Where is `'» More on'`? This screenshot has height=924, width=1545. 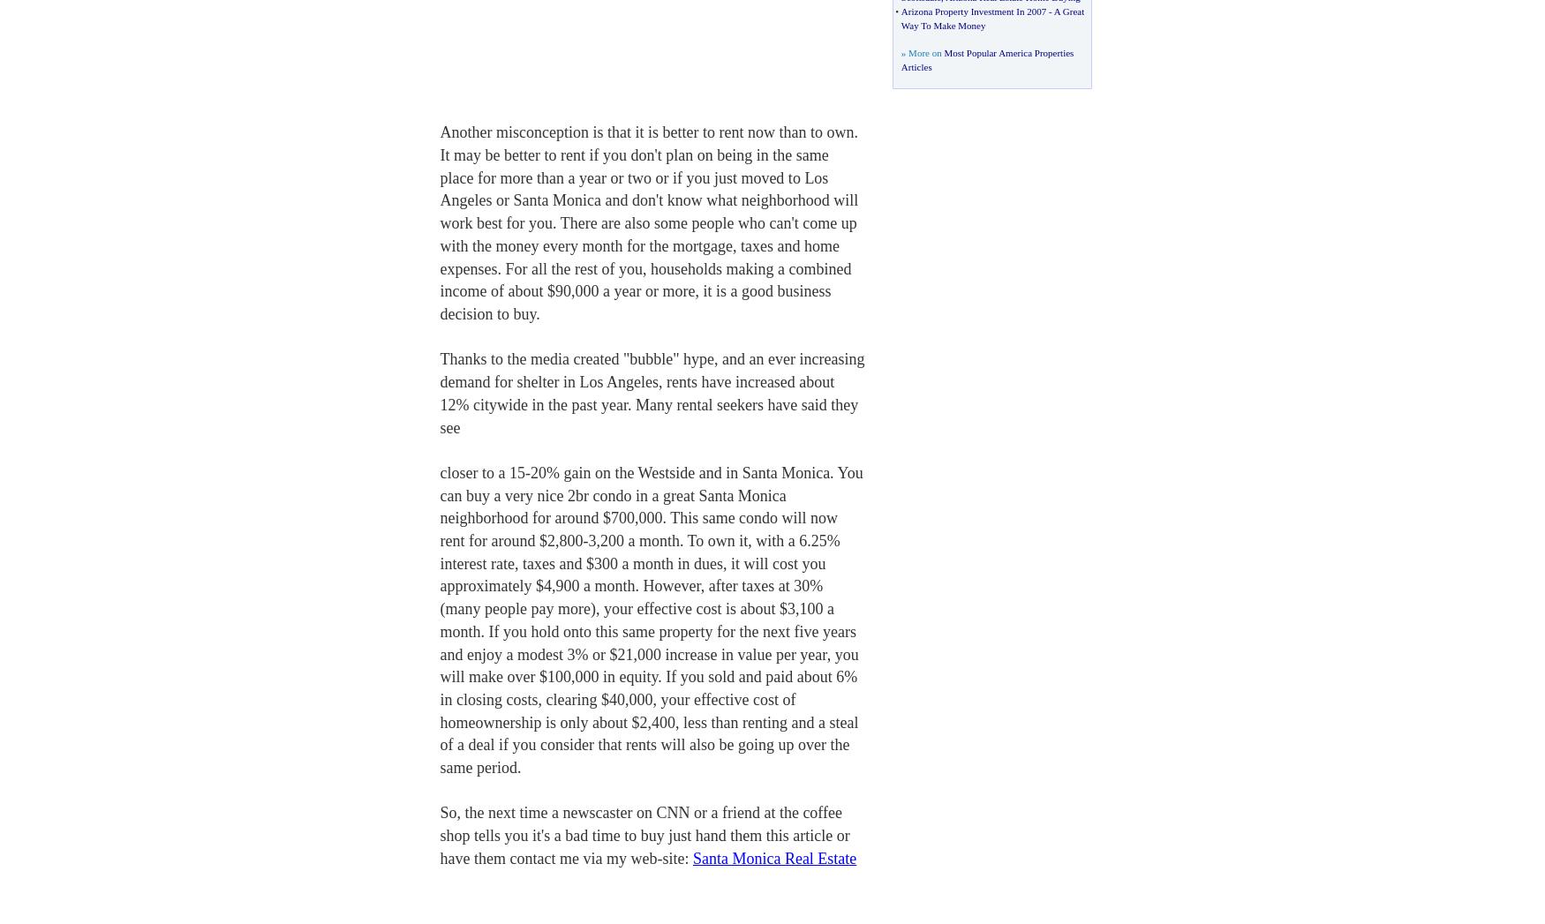
'» More on' is located at coordinates (921, 52).